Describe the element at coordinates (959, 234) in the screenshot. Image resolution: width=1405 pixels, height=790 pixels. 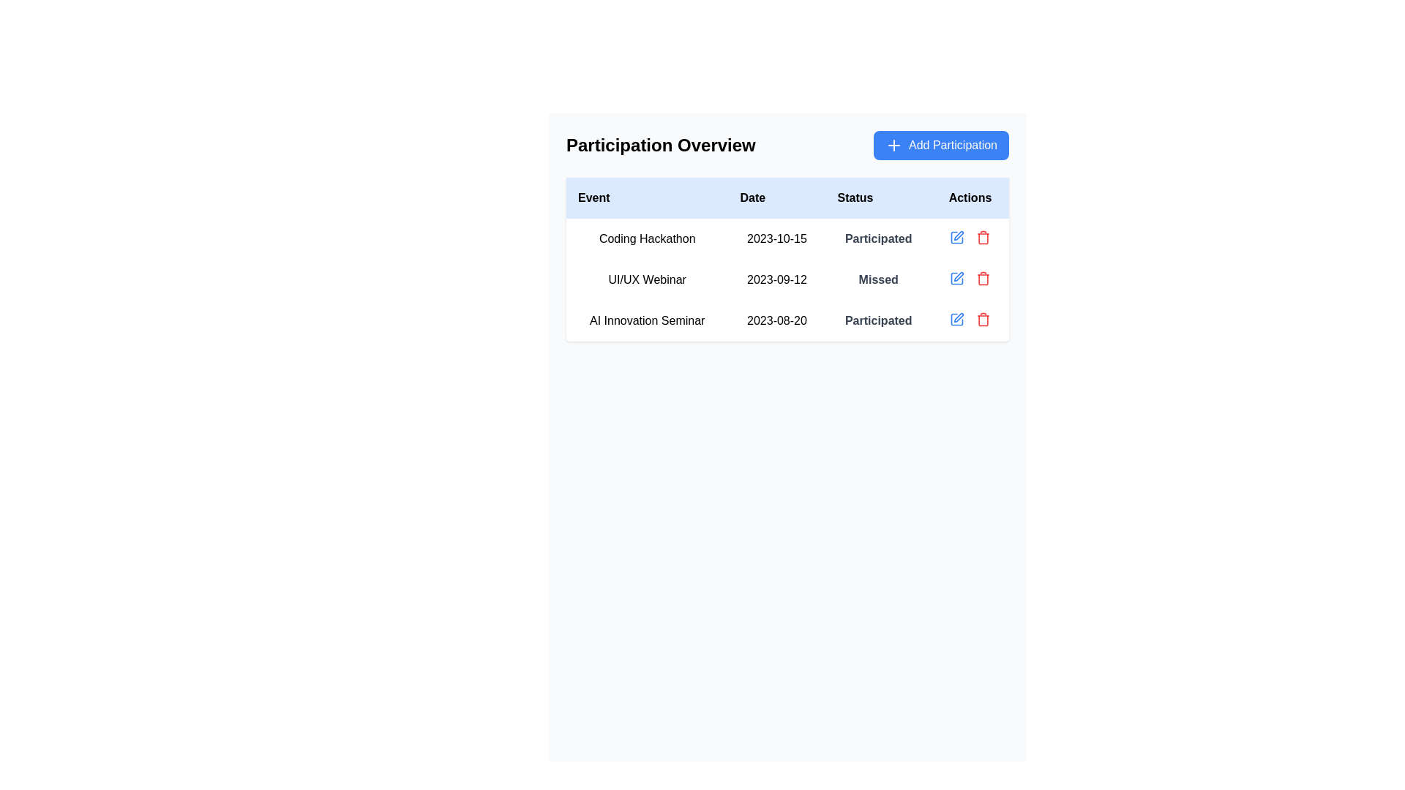
I see `the edit button represented by a pen icon in the second row of the 'Actions' column under the 'Participation Overview' section` at that location.